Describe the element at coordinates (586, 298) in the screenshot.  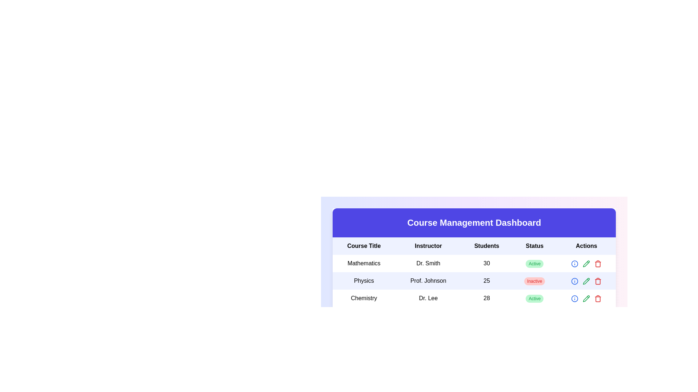
I see `the pencil-shaped icon representing the edit action located in the 'Actions' column of the 'Chemistry' row` at that location.